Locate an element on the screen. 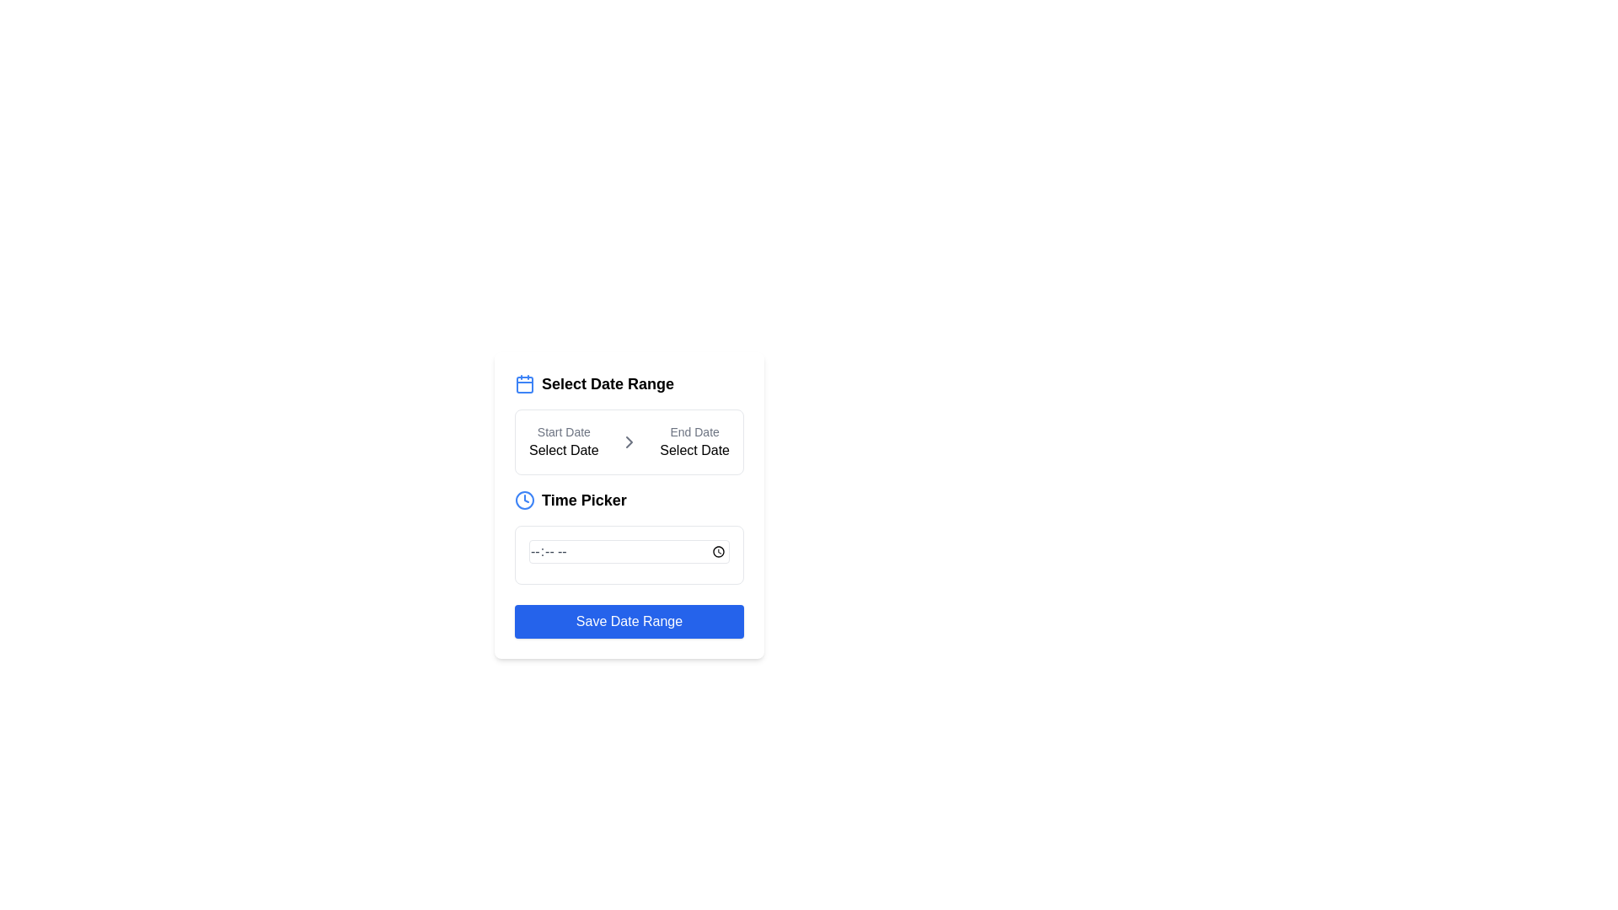  the decorative background rectangle of the calendar icon located to the left of the 'Select Date Range' label is located at coordinates (524, 384).